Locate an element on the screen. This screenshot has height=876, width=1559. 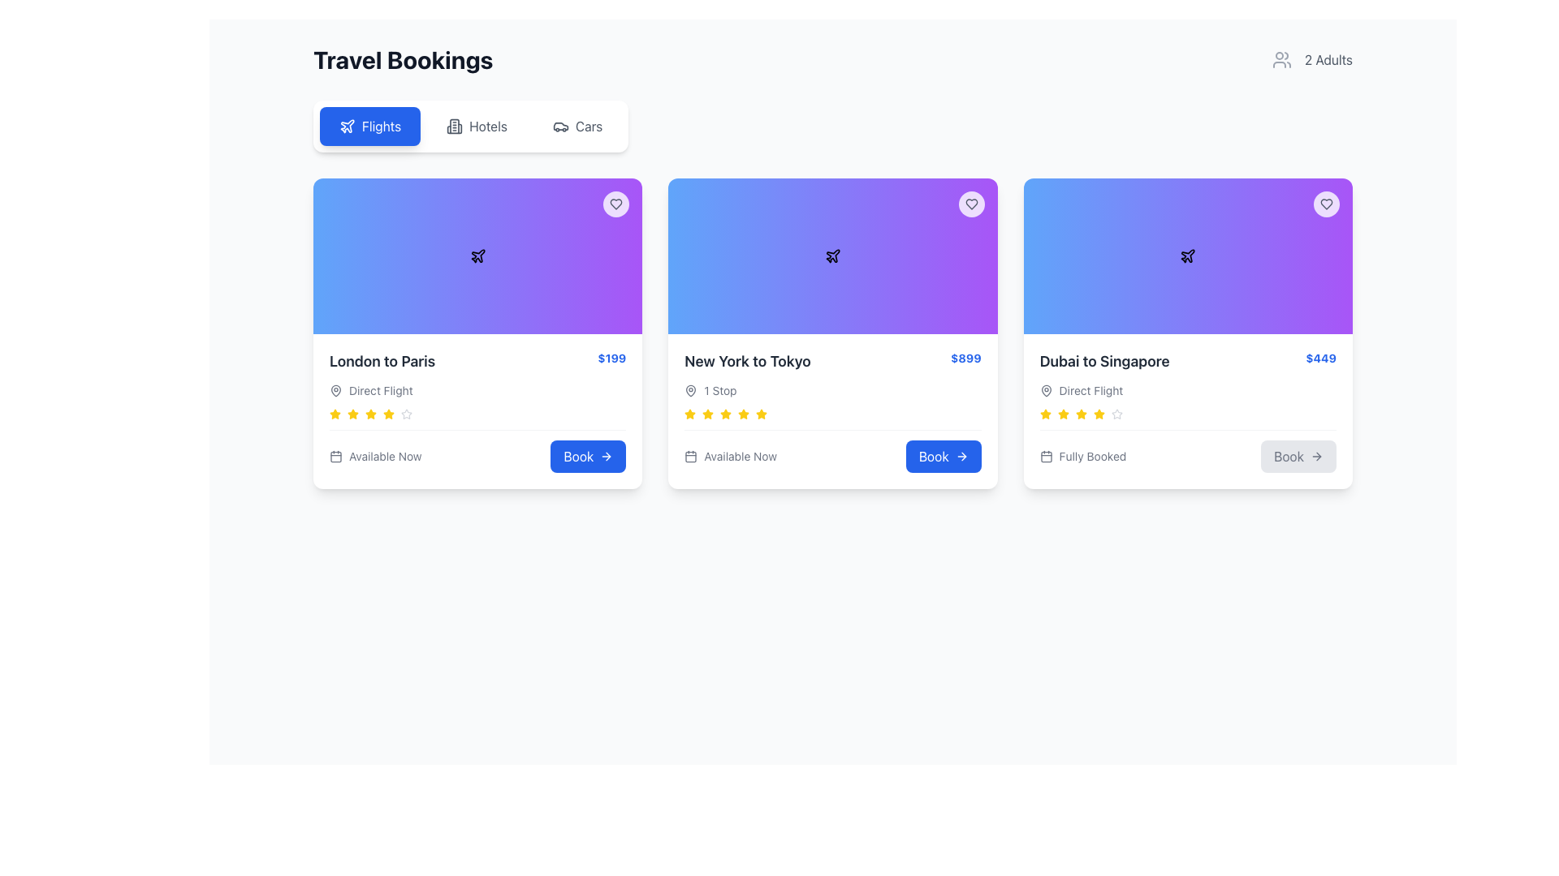
individual star icons in the Rating component located in the center-left card under the 'Direct Flight' label and above the 'Available Now' label by hovering over each star is located at coordinates (477, 413).